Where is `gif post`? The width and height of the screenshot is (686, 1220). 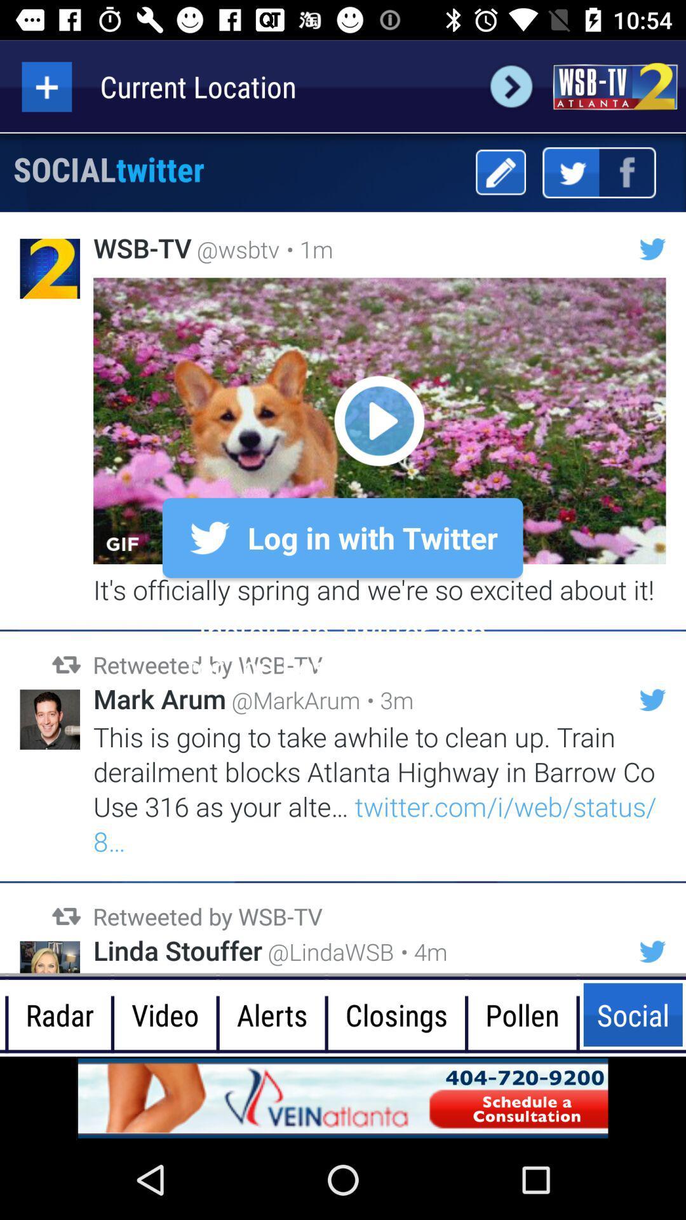 gif post is located at coordinates (379, 421).